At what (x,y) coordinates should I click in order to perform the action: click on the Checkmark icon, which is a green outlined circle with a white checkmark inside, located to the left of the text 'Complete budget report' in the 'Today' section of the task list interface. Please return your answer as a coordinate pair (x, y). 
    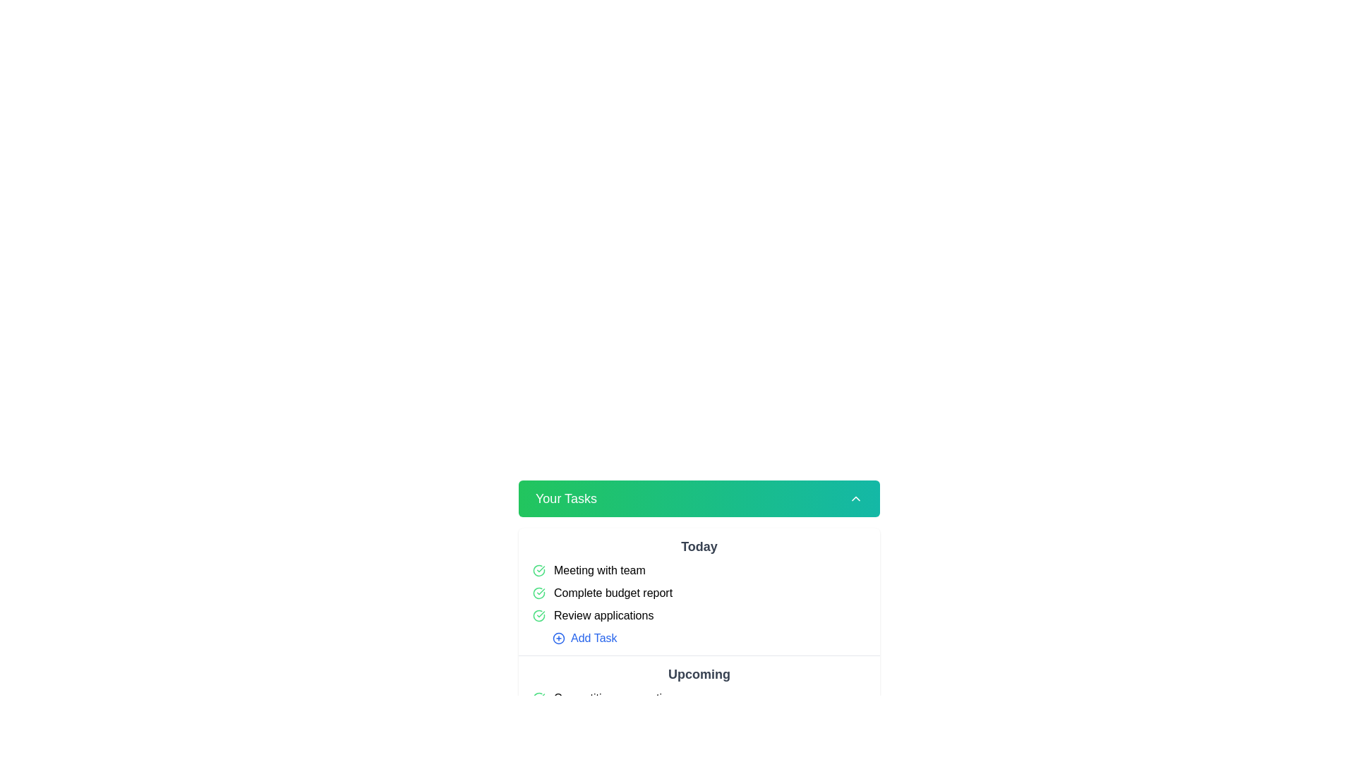
    Looking at the image, I should click on (538, 593).